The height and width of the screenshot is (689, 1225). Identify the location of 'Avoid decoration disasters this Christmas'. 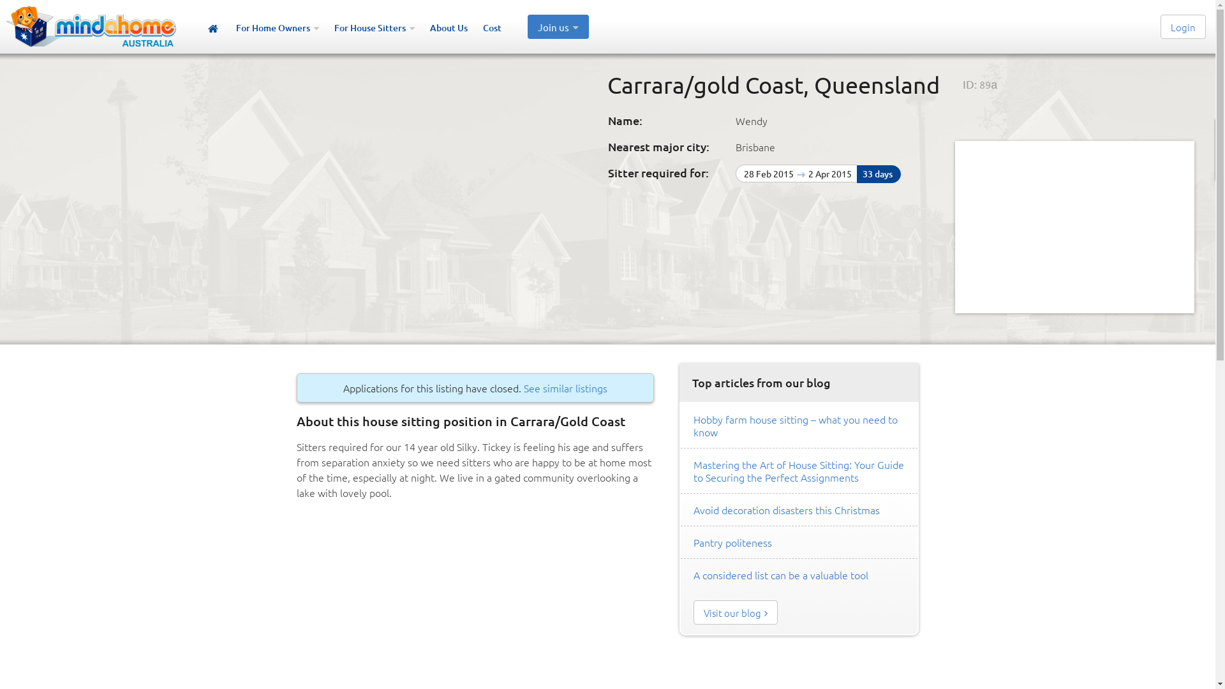
(786, 508).